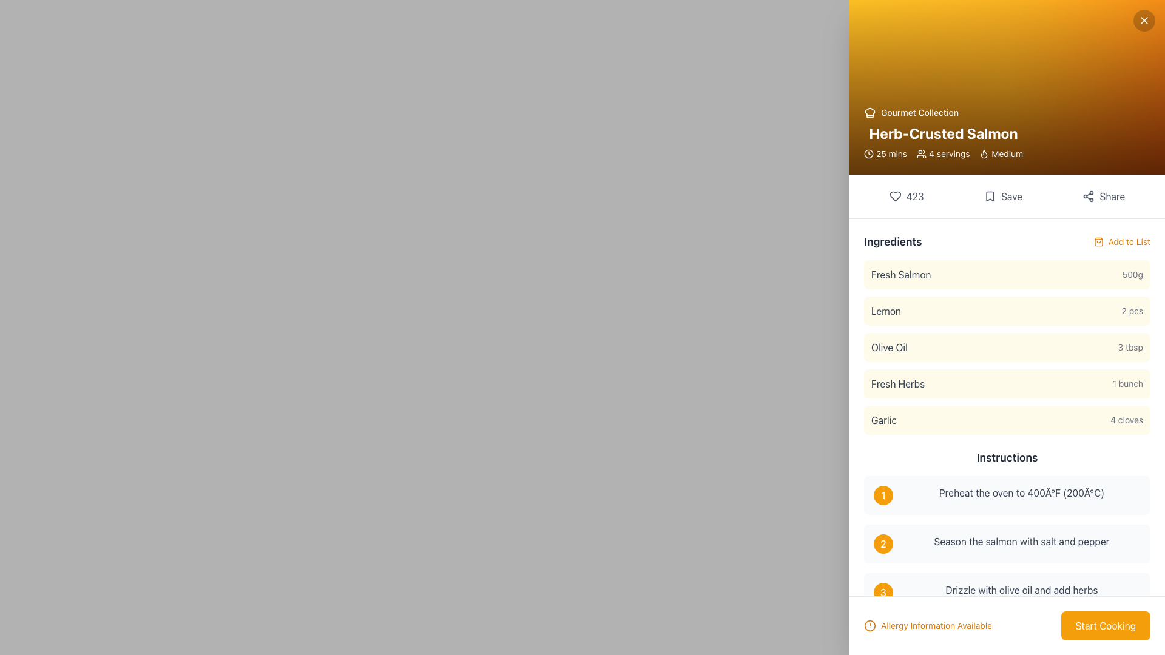  I want to click on text from the Informational Label that indicates the estimated preparation or cooking time for the recipe, which is positioned to the left of the '4 servings' and 'Medium' elements in the header area of the recipe section, so click(885, 153).